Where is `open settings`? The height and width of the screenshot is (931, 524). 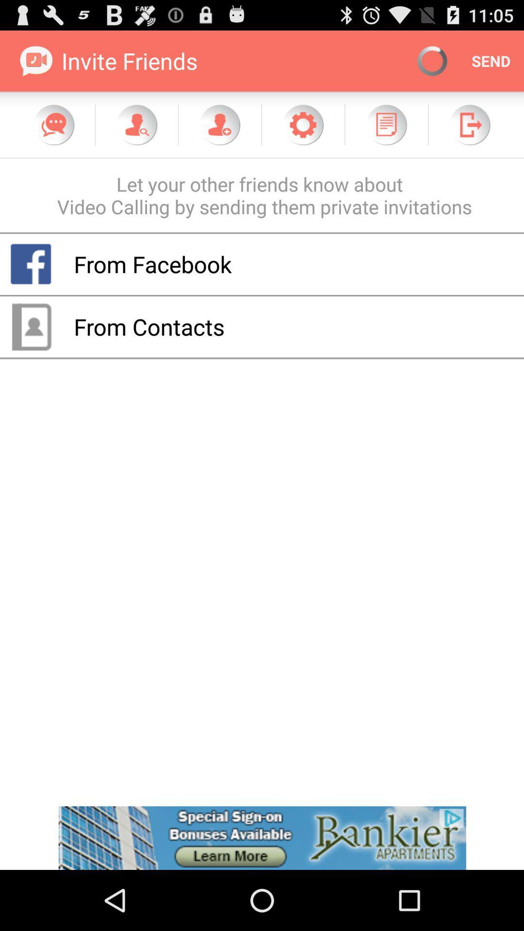
open settings is located at coordinates (302, 124).